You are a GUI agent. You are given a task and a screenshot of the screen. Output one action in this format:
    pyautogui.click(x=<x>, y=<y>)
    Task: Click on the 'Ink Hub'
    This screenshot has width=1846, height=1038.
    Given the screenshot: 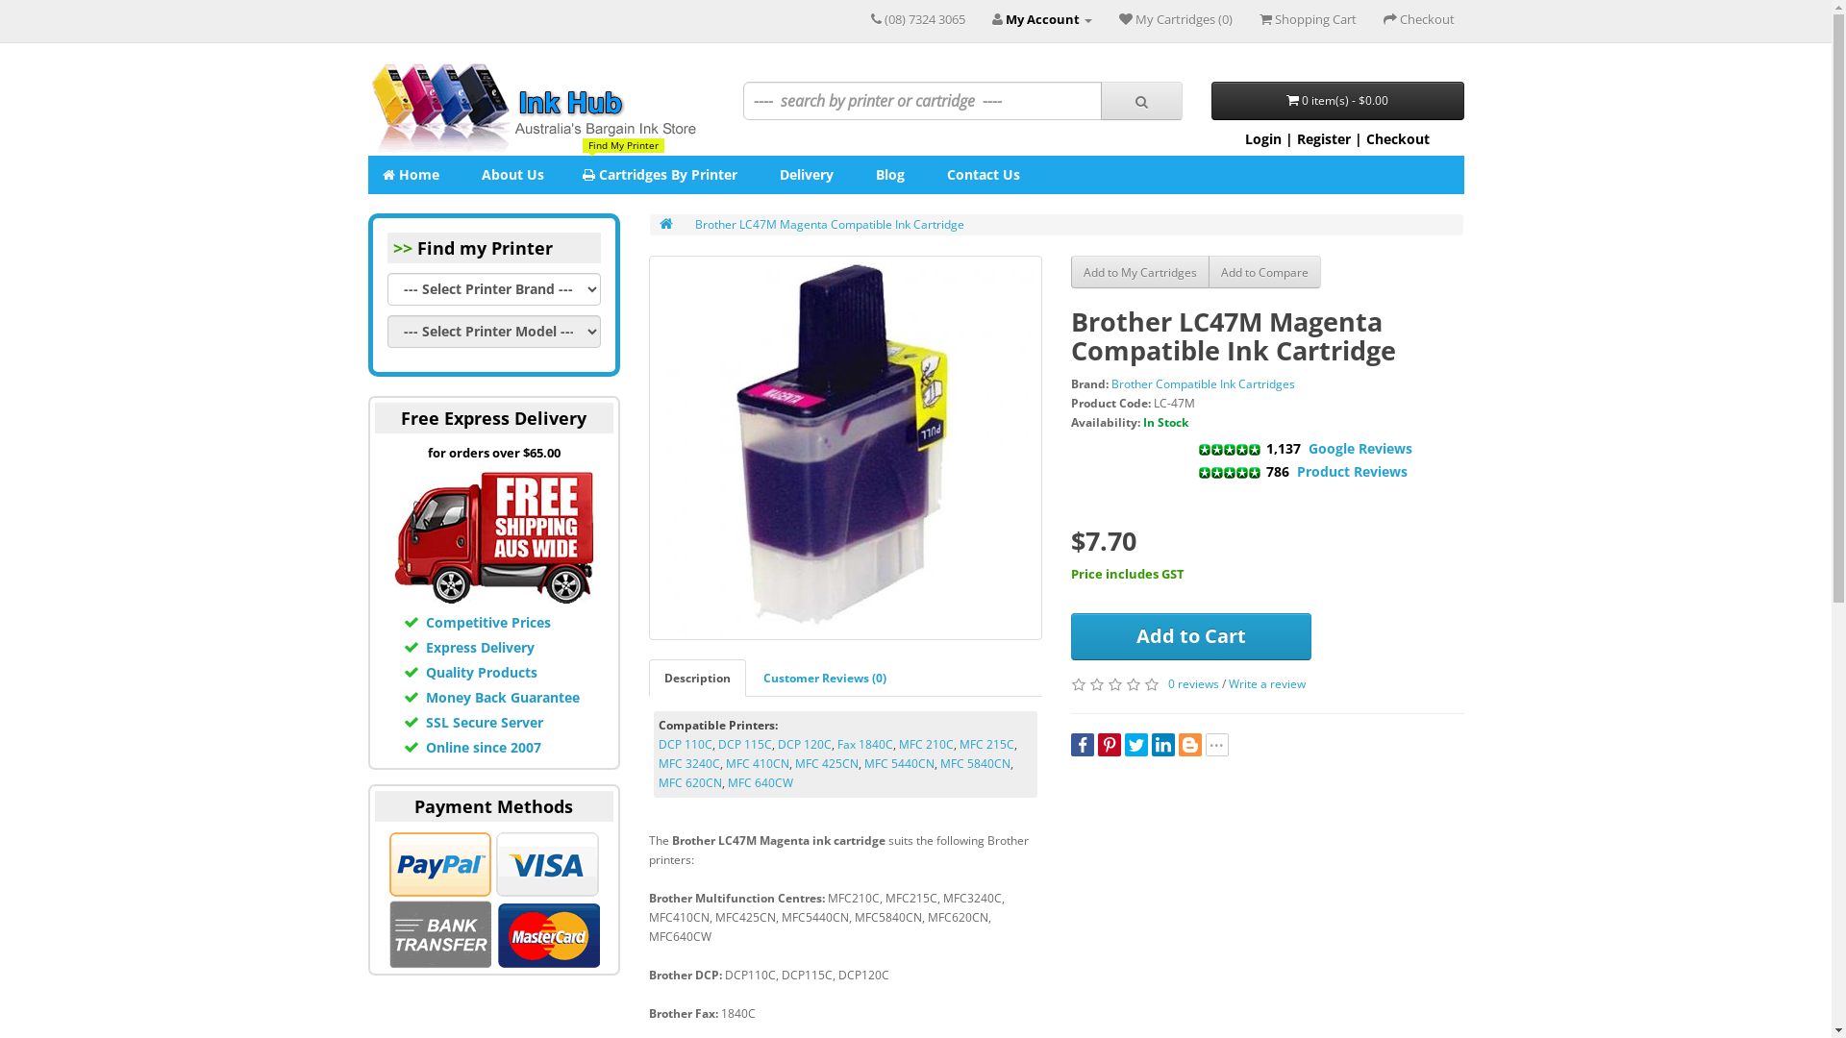 What is the action you would take?
    pyautogui.click(x=532, y=108)
    